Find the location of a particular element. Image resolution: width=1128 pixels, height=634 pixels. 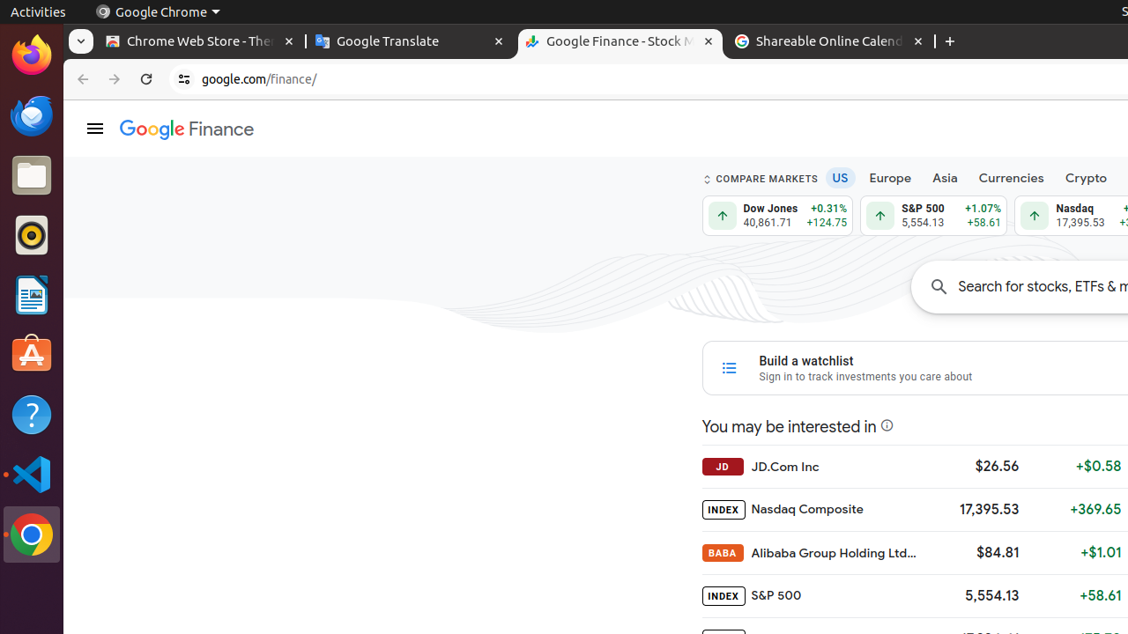

'View site information' is located at coordinates (184, 79).